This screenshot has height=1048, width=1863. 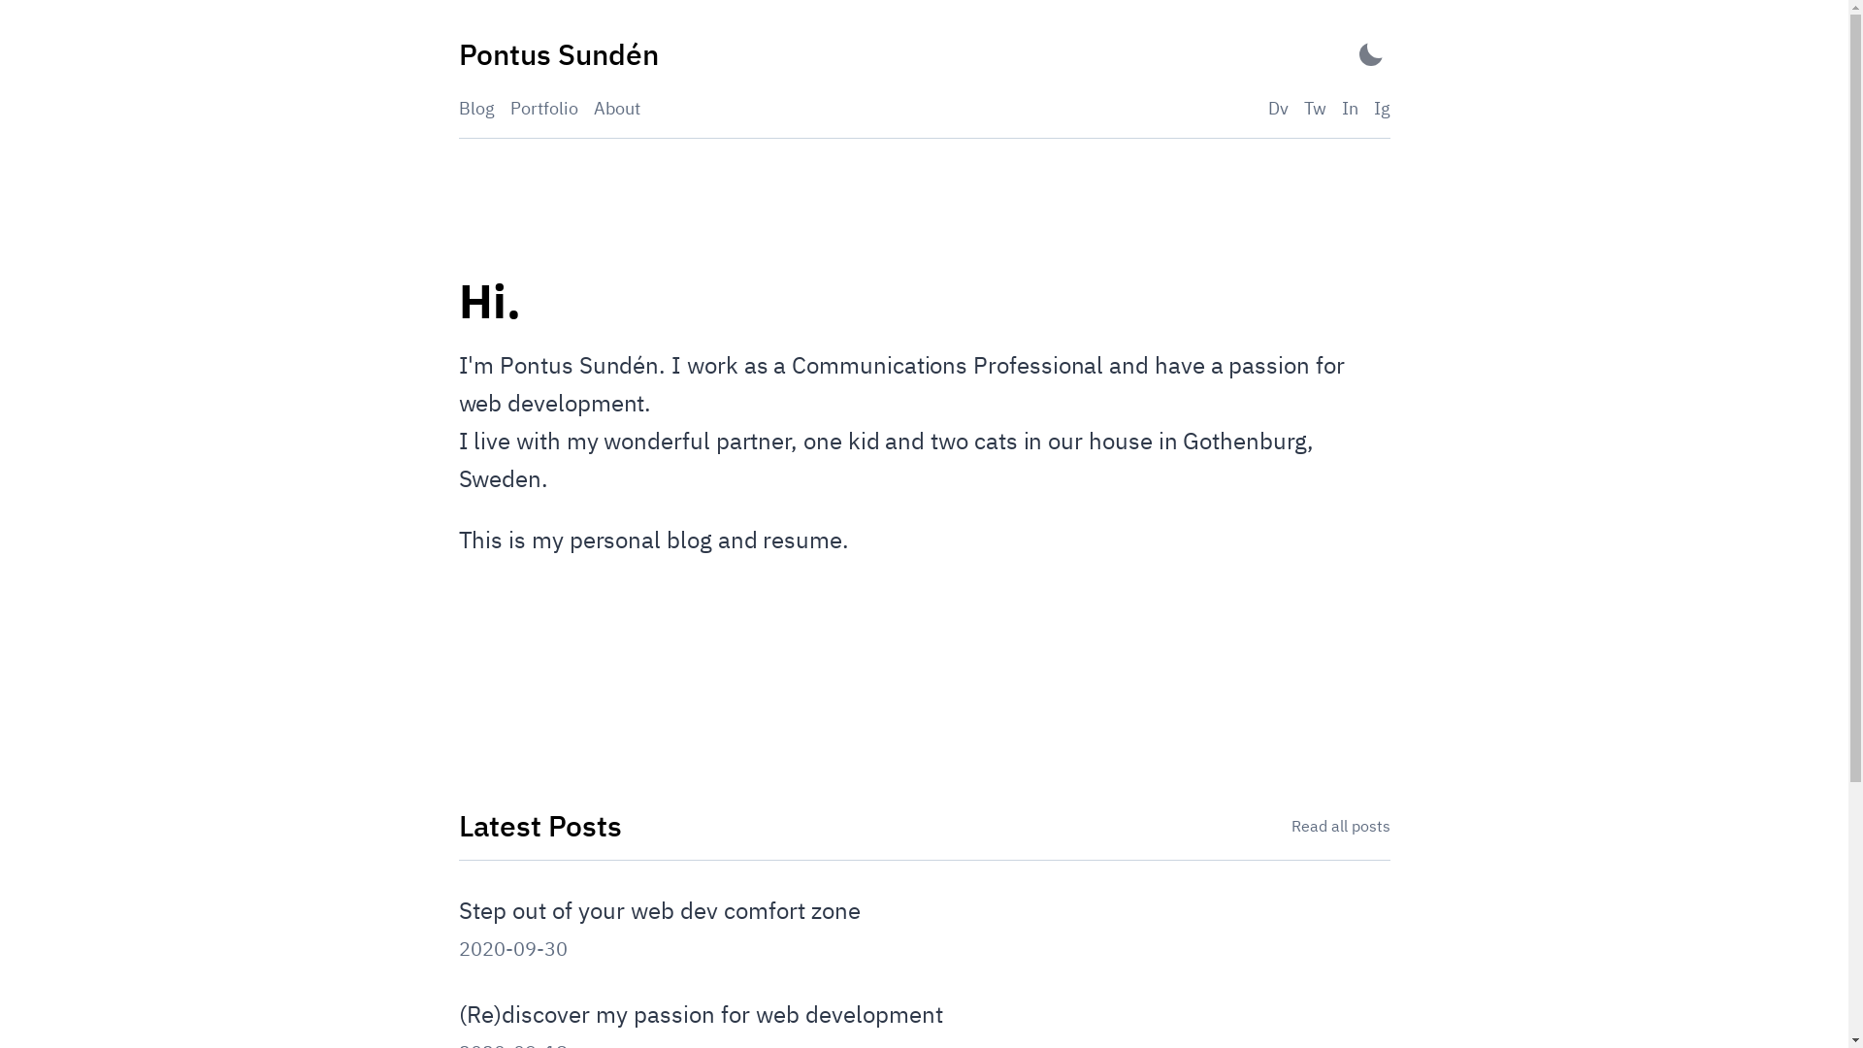 I want to click on 'Blog', so click(x=475, y=108).